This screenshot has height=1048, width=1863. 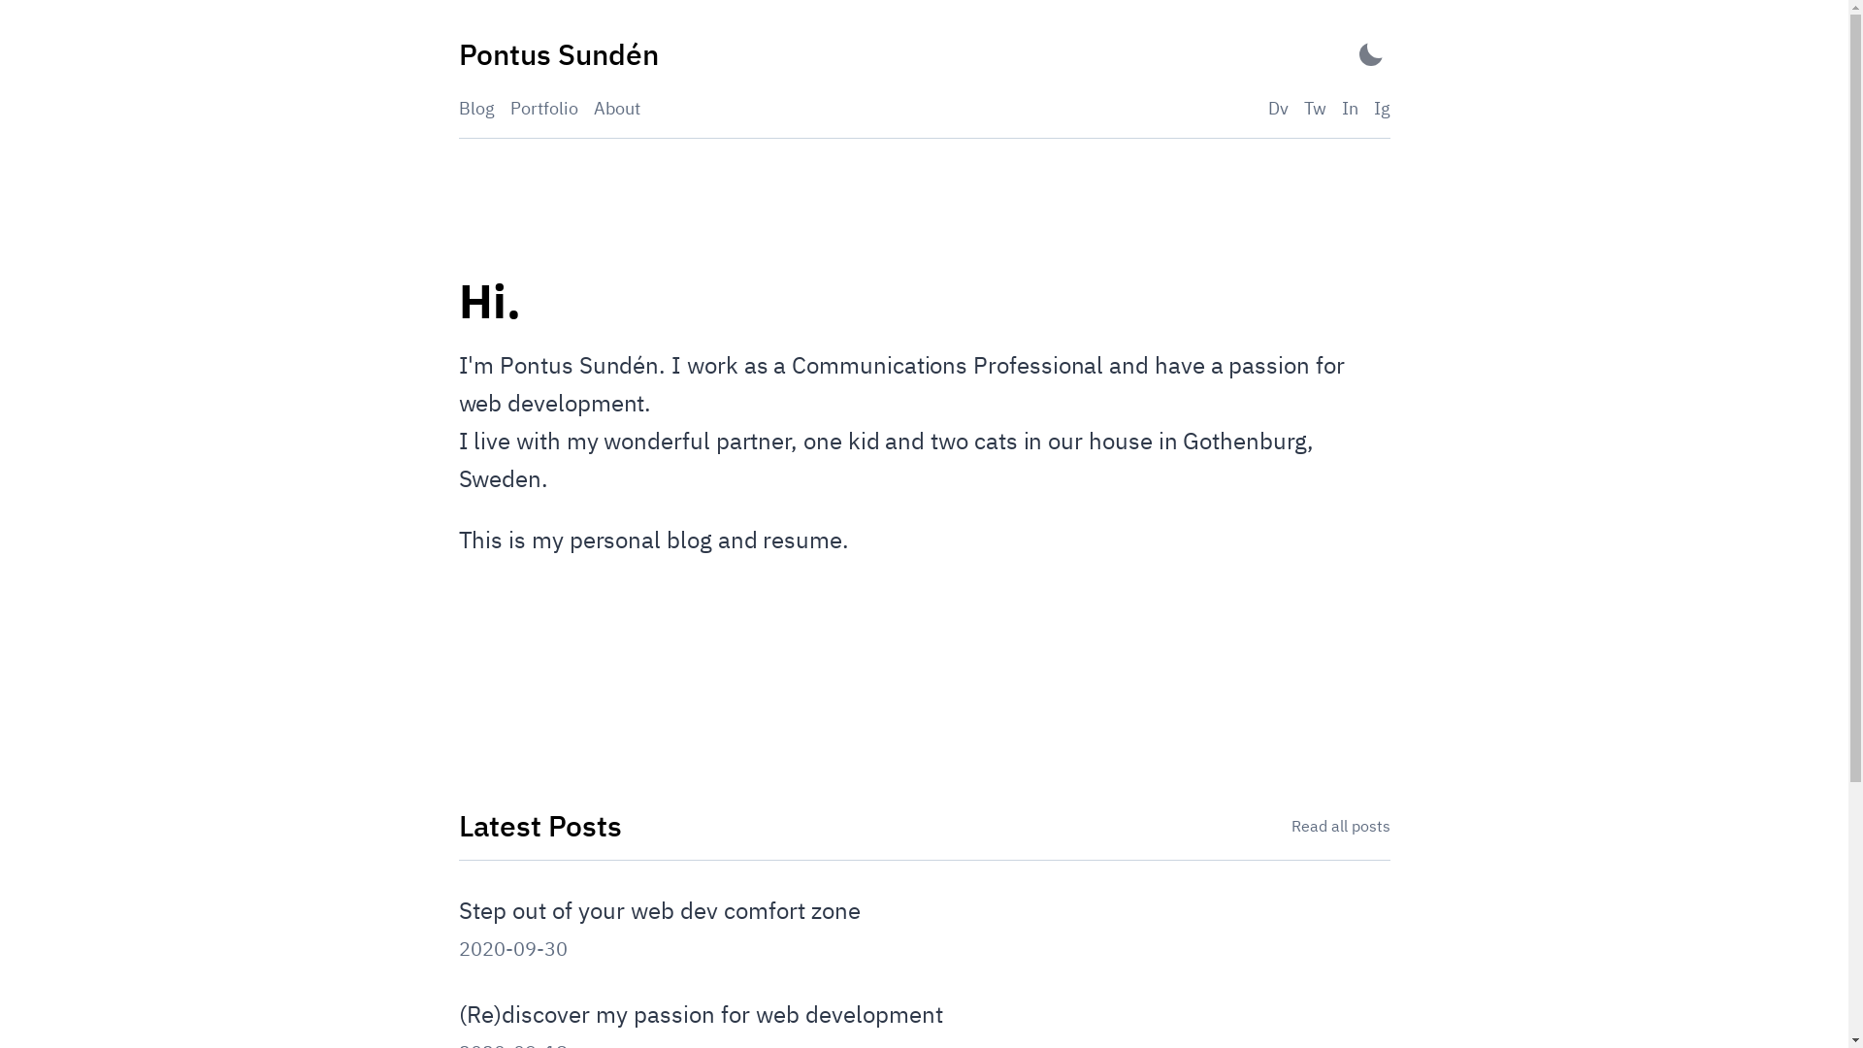 I want to click on 'Blog', so click(x=475, y=108).